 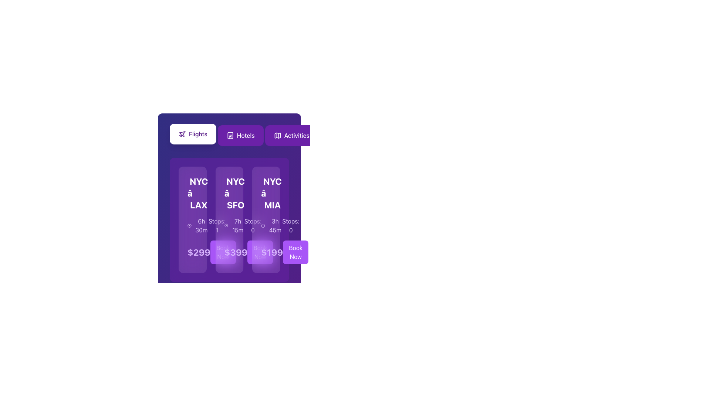 What do you see at coordinates (246, 135) in the screenshot?
I see `the 'Hotels' text label within the purple button` at bounding box center [246, 135].